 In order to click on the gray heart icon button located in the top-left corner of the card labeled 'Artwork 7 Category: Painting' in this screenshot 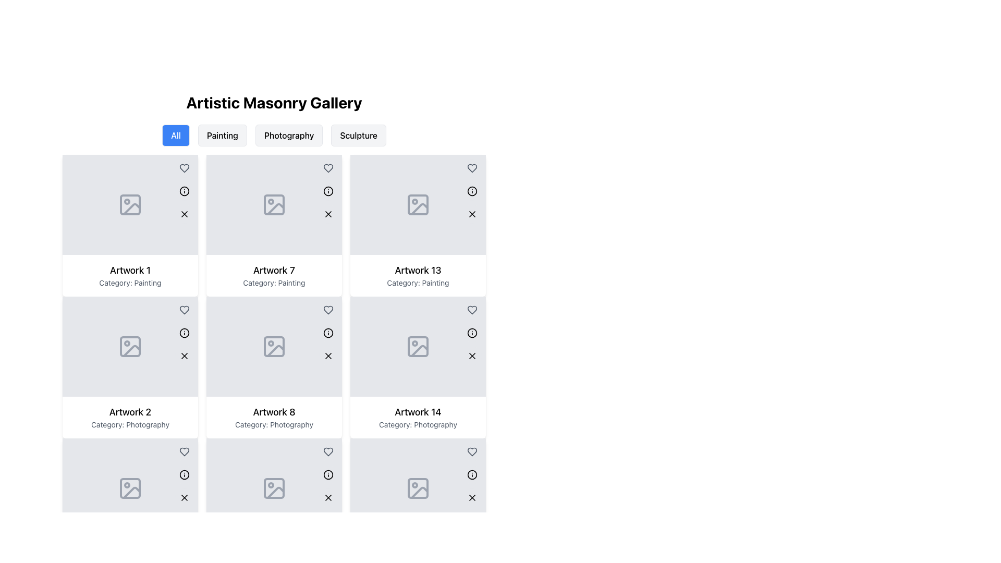, I will do `click(327, 168)`.